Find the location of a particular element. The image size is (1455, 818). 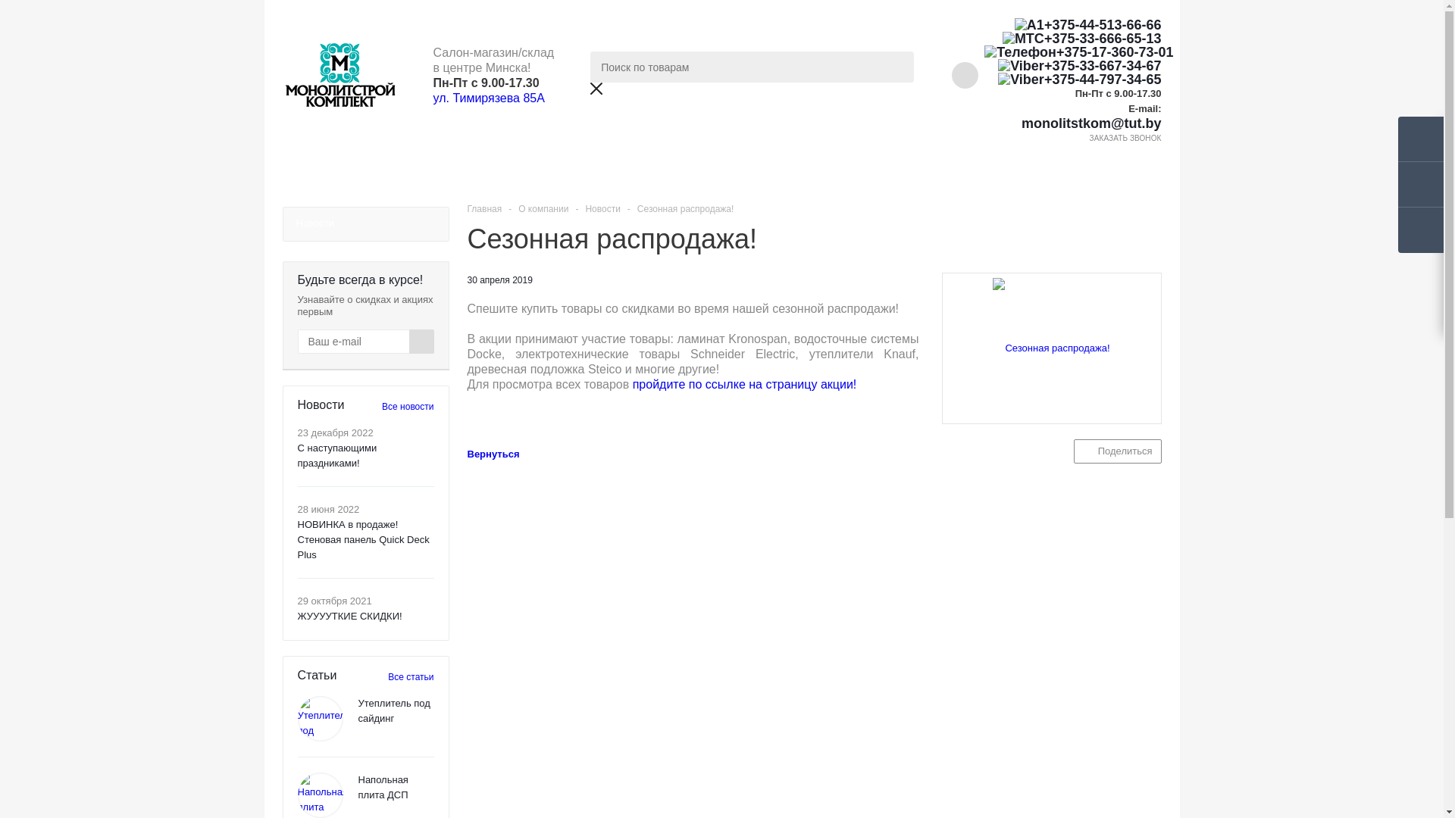

'monolitstkom@tut.by' is located at coordinates (1072, 122).